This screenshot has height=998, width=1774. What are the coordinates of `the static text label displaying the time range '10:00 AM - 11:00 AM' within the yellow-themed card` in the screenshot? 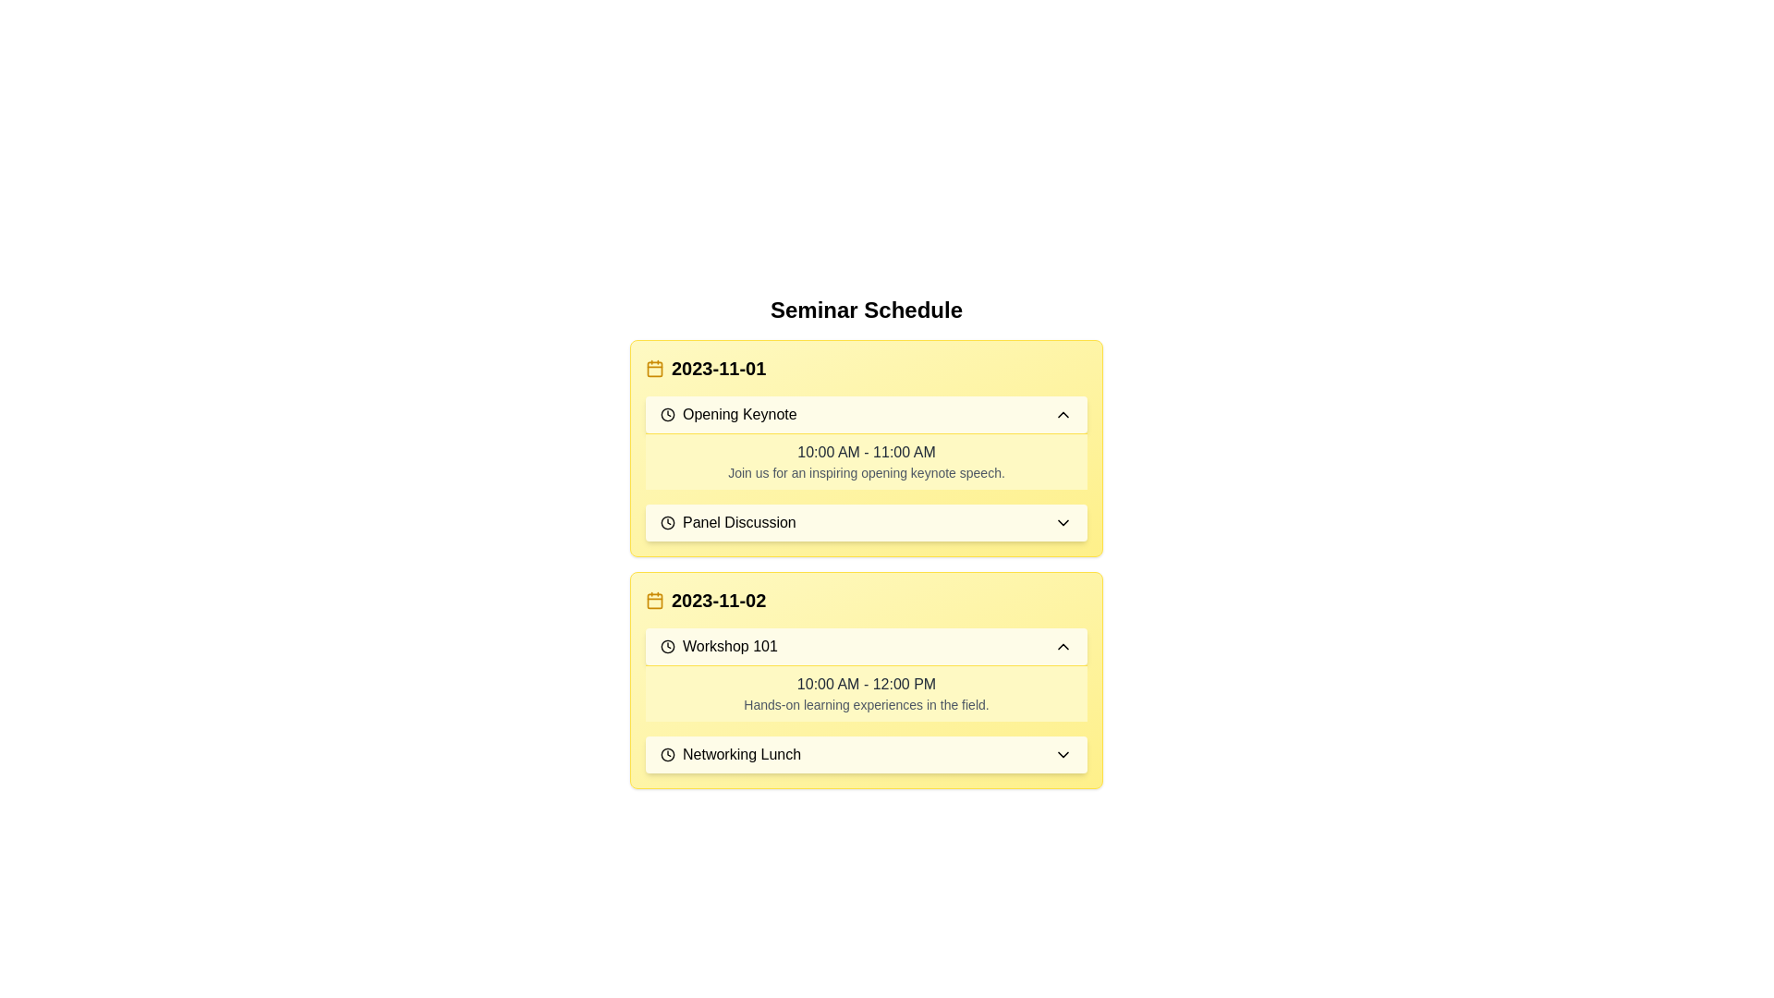 It's located at (865, 452).